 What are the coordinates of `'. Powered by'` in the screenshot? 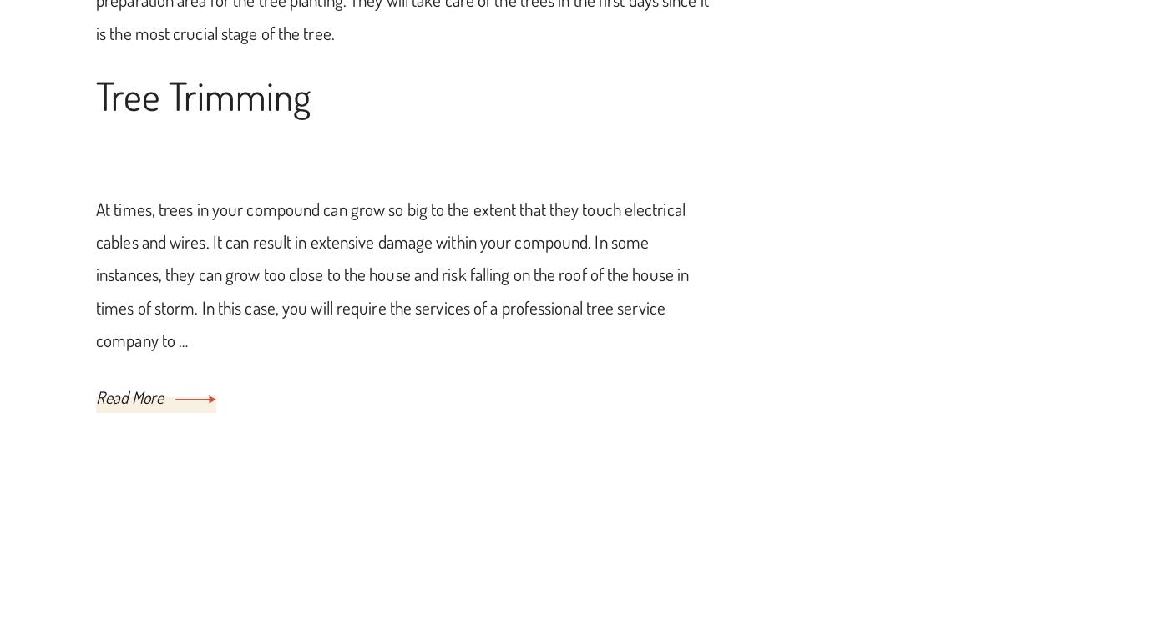 It's located at (848, 591).